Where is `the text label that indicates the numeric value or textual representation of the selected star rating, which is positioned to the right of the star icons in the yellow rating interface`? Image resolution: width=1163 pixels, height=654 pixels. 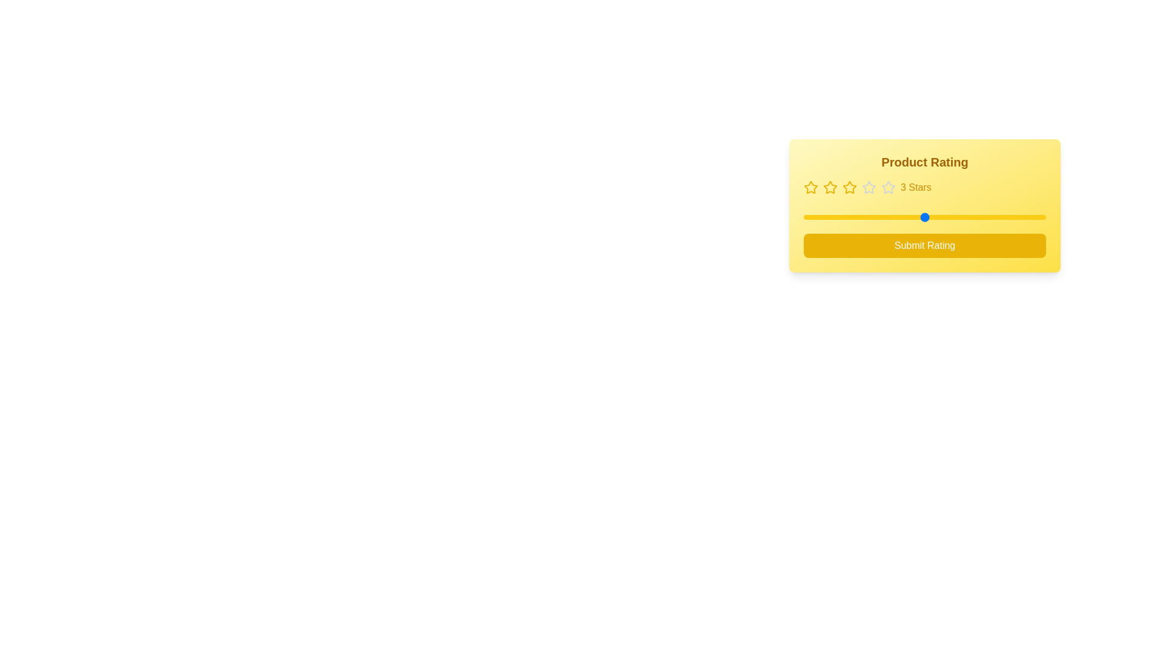
the text label that indicates the numeric value or textual representation of the selected star rating, which is positioned to the right of the star icons in the yellow rating interface is located at coordinates (916, 187).